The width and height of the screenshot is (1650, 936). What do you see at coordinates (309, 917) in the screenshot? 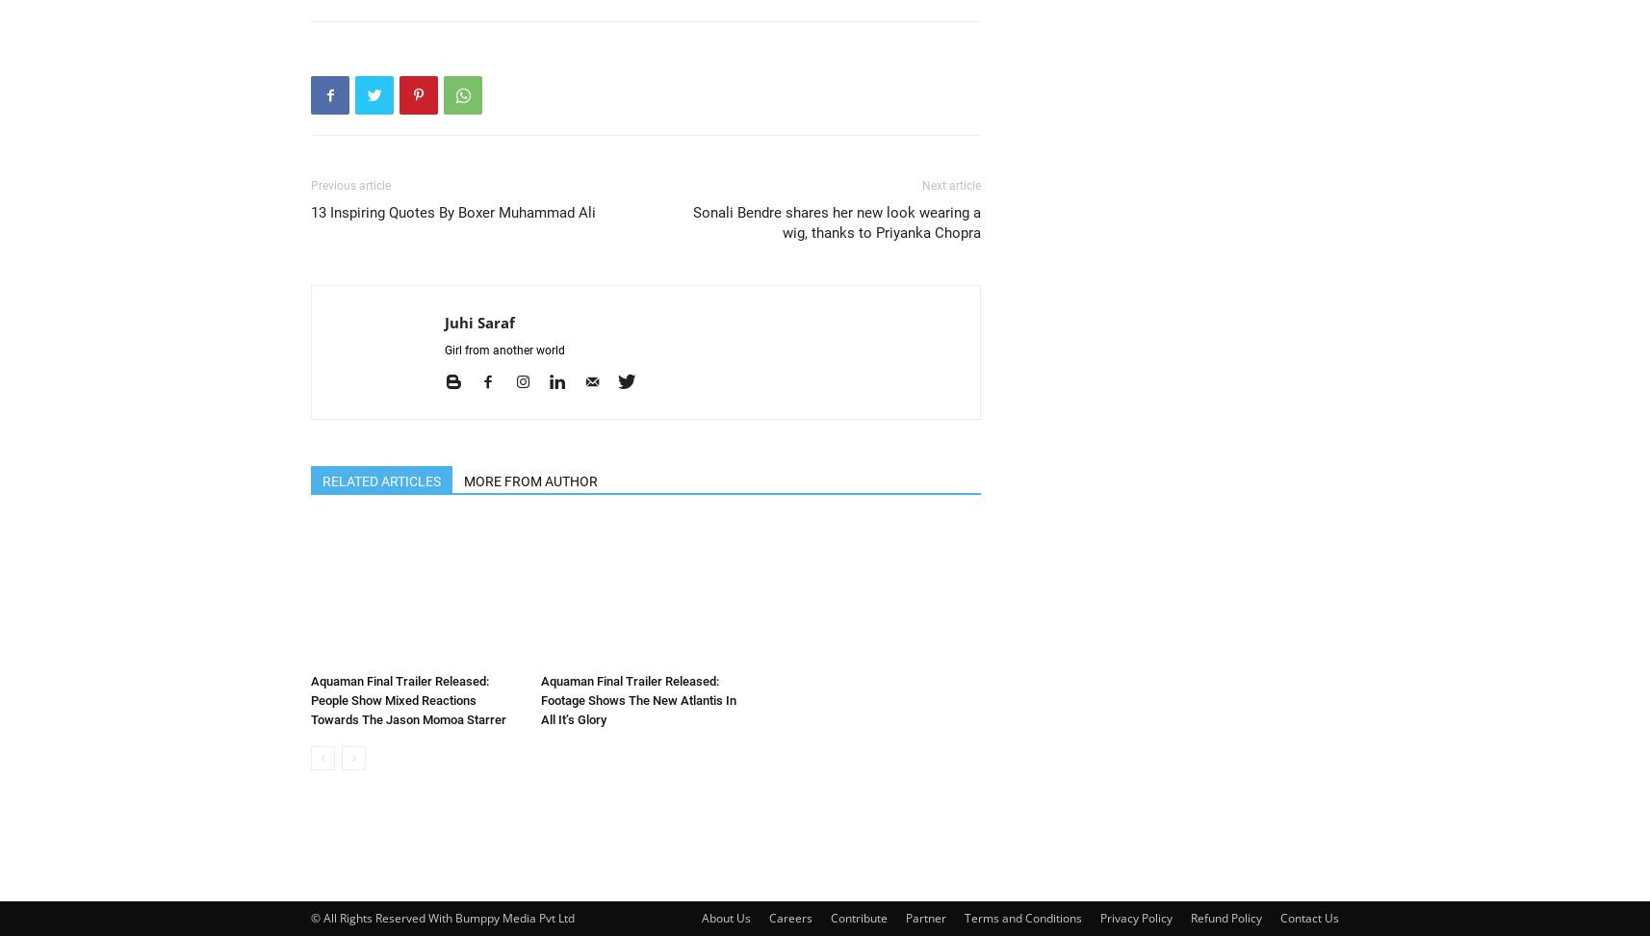
I see `'© All Rights Reserved With Bumppy Media Pvt Ltd'` at bounding box center [309, 917].